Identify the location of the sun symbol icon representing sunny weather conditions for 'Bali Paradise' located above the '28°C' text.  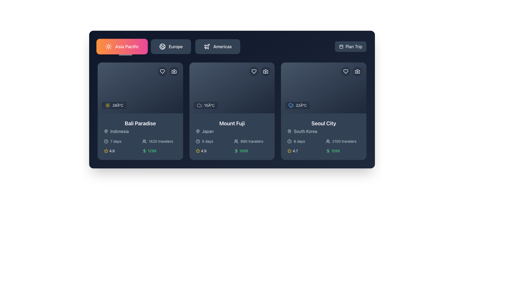
(107, 105).